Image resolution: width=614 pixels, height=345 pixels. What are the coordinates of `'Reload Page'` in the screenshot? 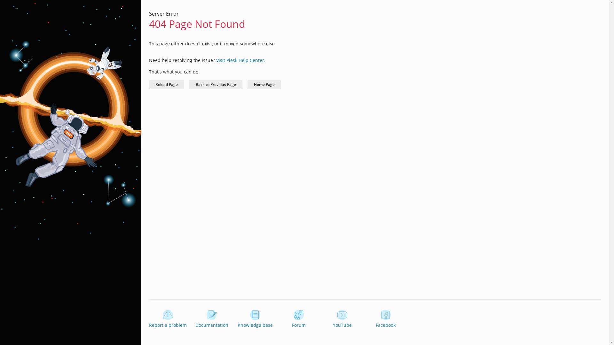 It's located at (167, 84).